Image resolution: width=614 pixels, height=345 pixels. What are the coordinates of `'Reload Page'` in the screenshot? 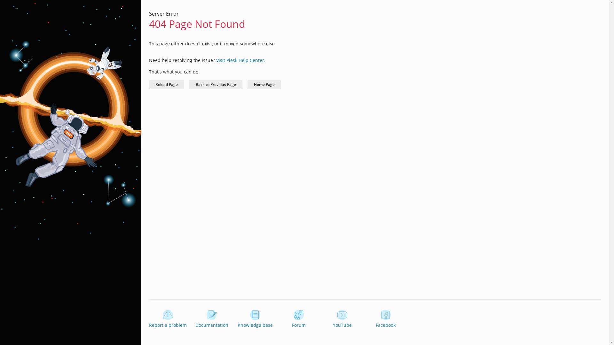 It's located at (167, 84).